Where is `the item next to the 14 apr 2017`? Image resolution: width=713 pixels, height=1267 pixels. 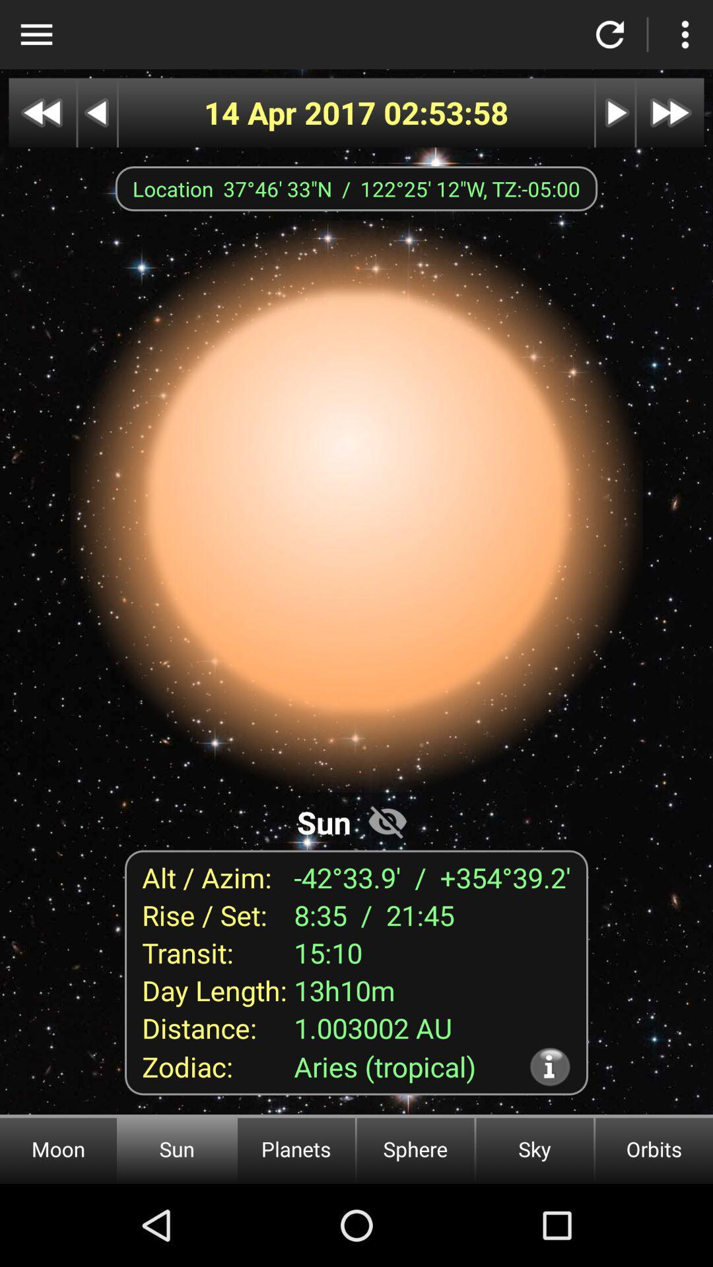 the item next to the 14 apr 2017 is located at coordinates (446, 113).